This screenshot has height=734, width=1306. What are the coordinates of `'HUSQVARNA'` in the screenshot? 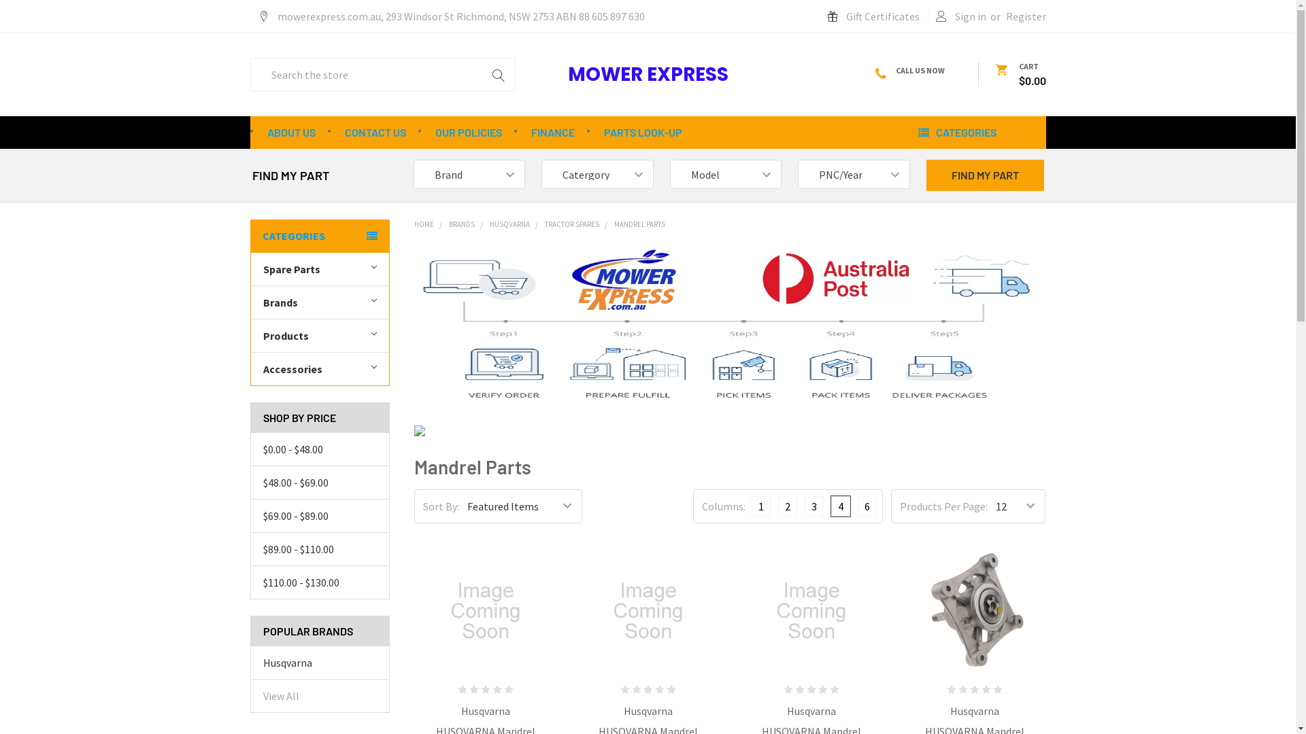 It's located at (509, 224).